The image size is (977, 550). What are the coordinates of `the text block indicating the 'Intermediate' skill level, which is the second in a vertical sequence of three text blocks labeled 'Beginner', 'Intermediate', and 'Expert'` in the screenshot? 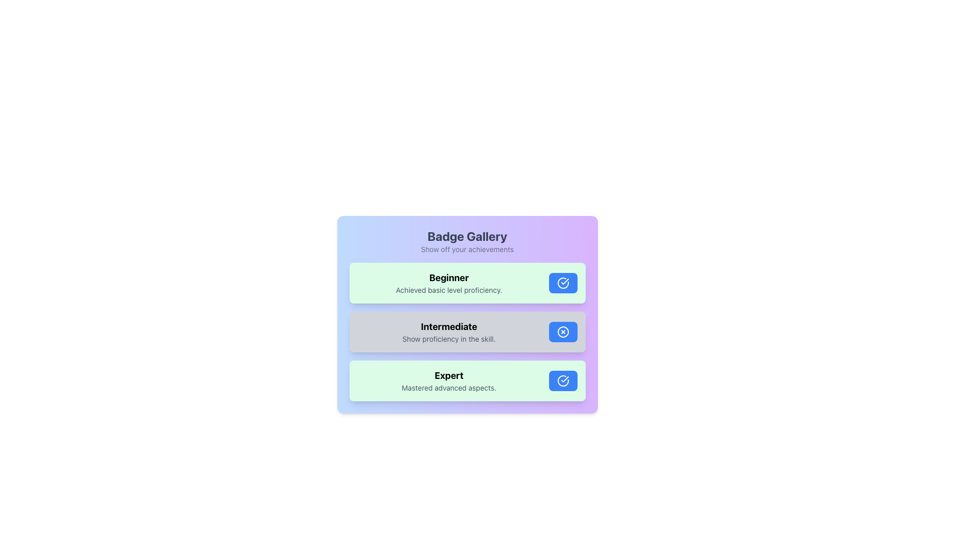 It's located at (448, 332).